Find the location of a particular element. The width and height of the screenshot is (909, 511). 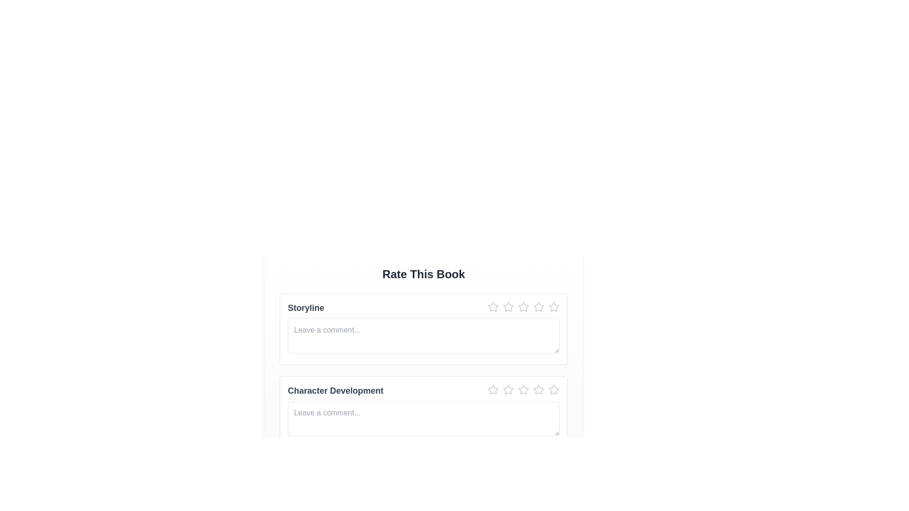

the 'Storyline' text label, which is styled in bold dark-gray and is positioned in the 'Rate This Book' interface, above the comment input box and to the left of the star rating component is located at coordinates (306, 308).